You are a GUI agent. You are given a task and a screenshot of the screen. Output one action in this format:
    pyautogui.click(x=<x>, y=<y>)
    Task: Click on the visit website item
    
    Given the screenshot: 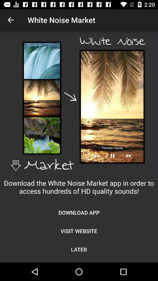 What is the action you would take?
    pyautogui.click(x=79, y=231)
    